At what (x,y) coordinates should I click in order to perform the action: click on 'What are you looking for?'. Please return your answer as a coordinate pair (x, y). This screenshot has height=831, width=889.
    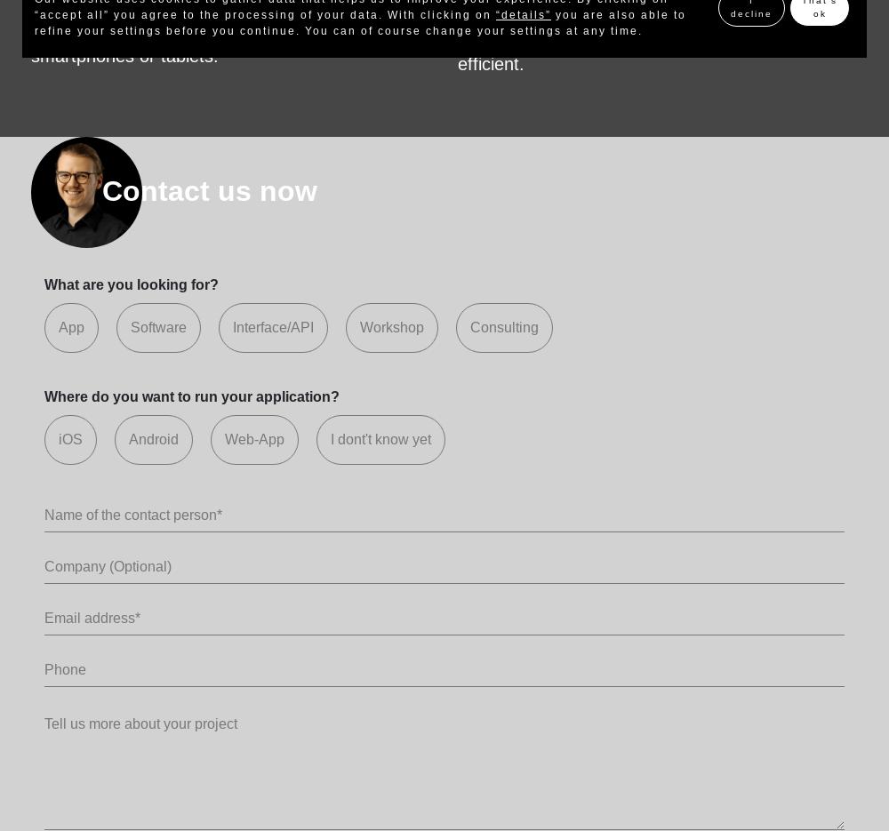
    Looking at the image, I should click on (44, 284).